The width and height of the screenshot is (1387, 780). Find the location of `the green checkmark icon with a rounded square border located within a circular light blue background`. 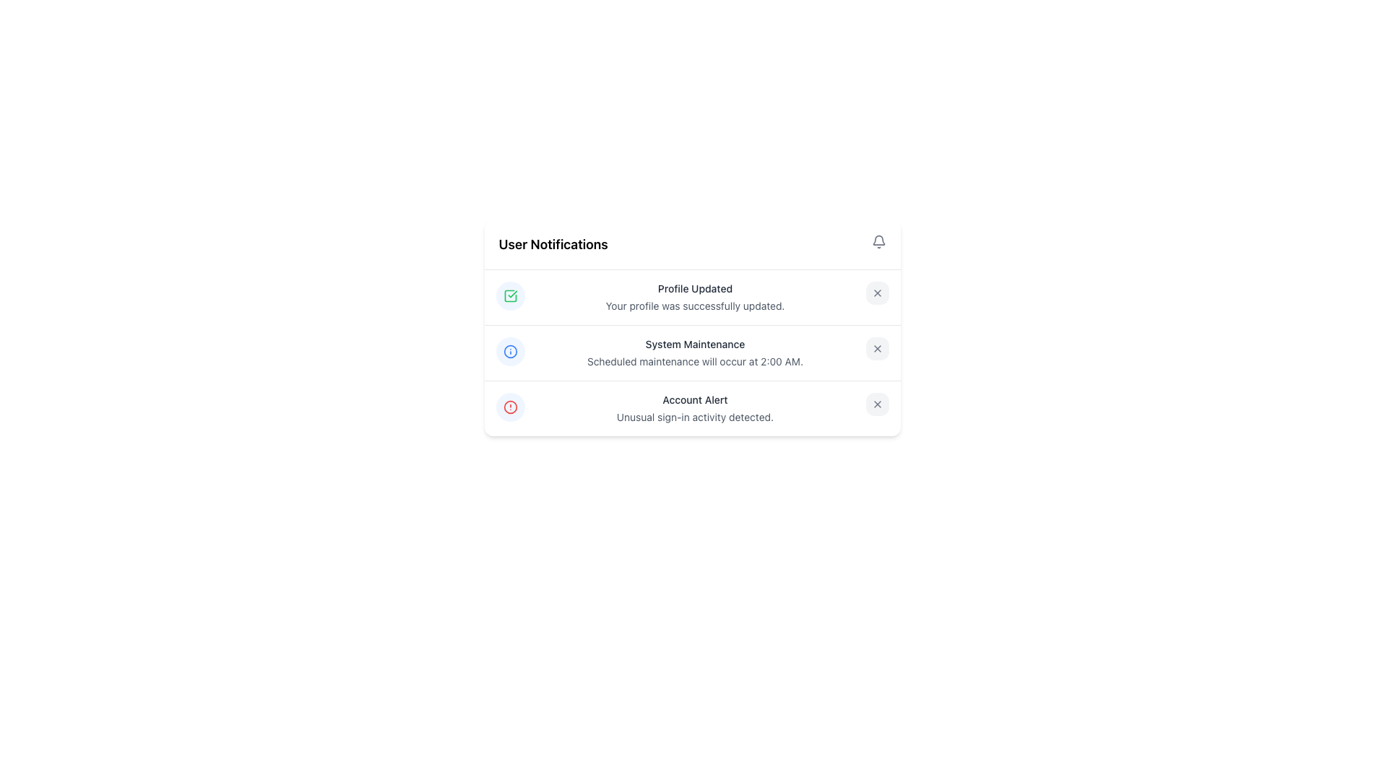

the green checkmark icon with a rounded square border located within a circular light blue background is located at coordinates (510, 295).